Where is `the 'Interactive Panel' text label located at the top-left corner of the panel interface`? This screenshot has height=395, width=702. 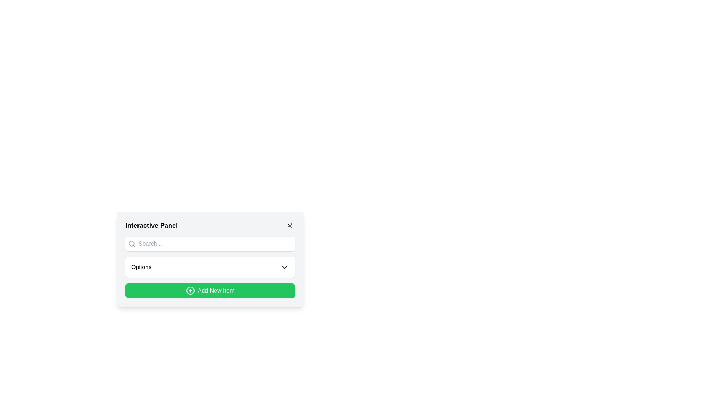 the 'Interactive Panel' text label located at the top-left corner of the panel interface is located at coordinates (151, 225).